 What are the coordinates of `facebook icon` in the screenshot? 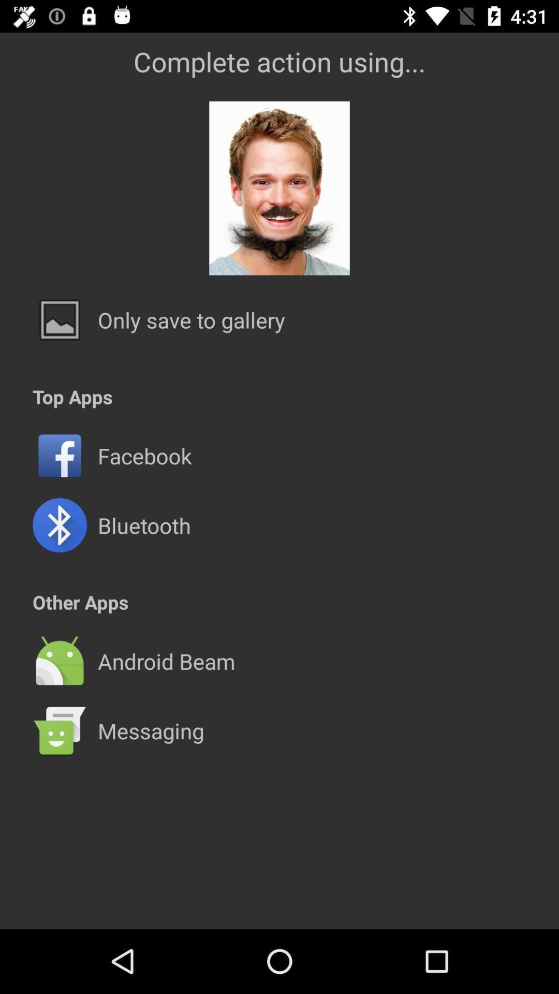 It's located at (144, 456).